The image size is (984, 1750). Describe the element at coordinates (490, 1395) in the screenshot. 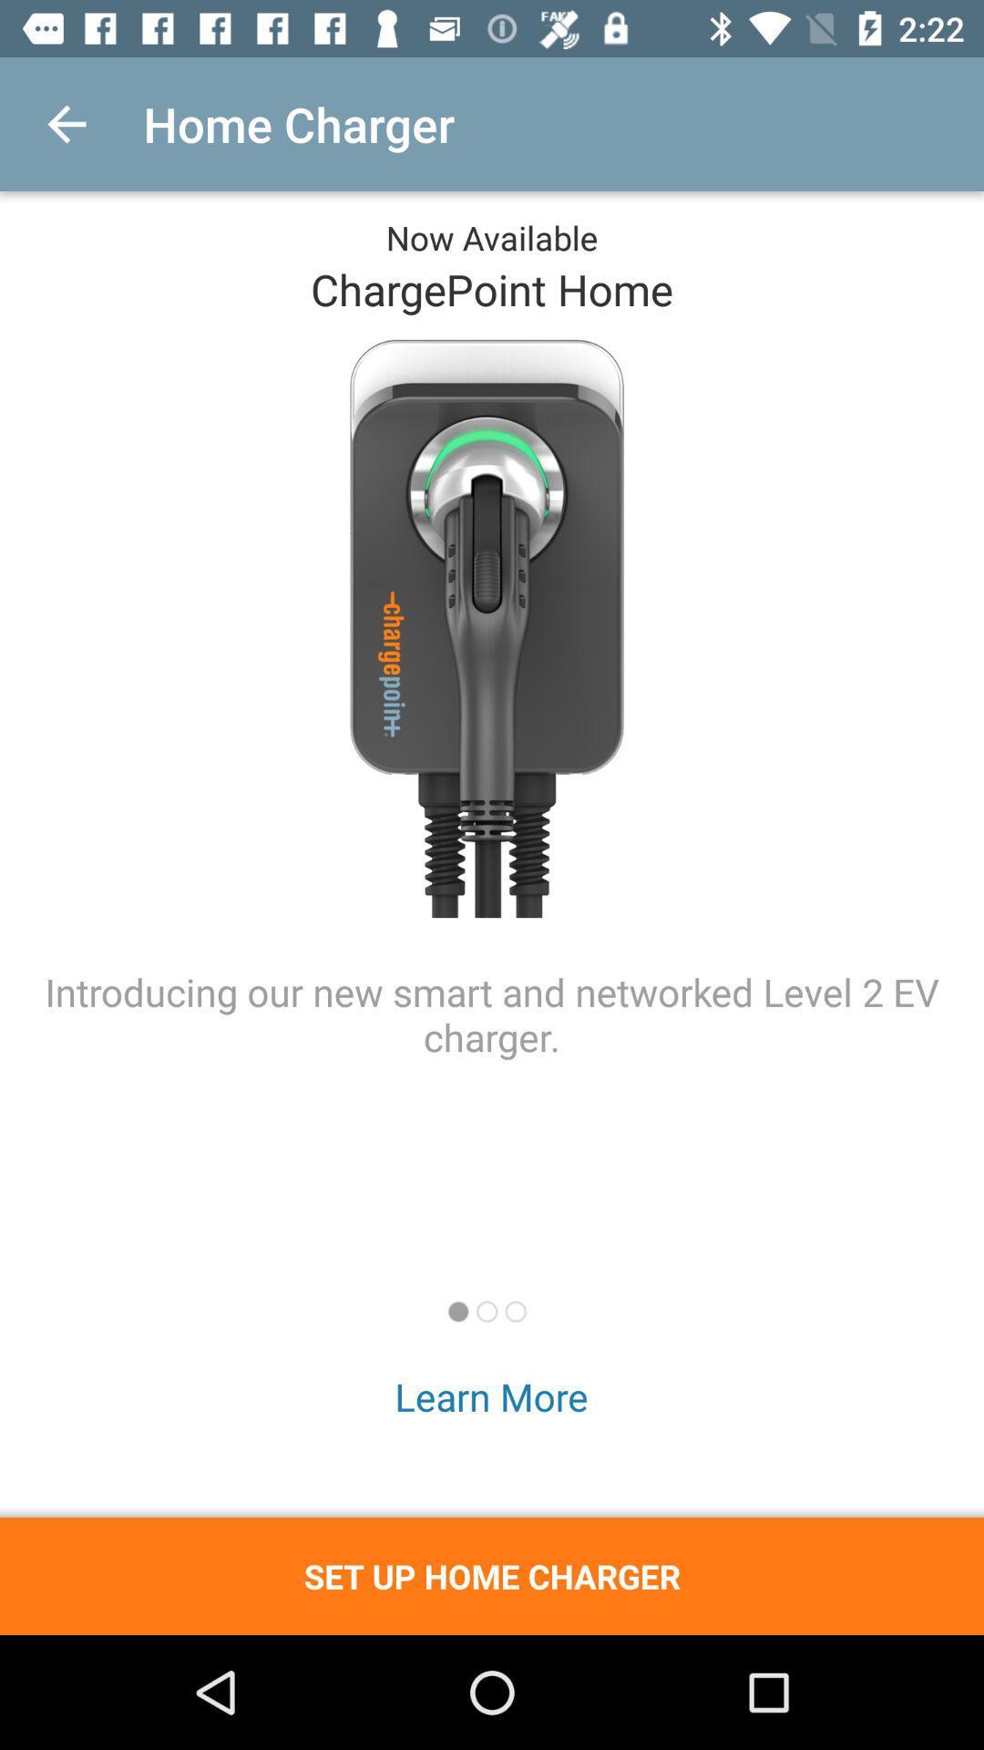

I see `the learn more item` at that location.